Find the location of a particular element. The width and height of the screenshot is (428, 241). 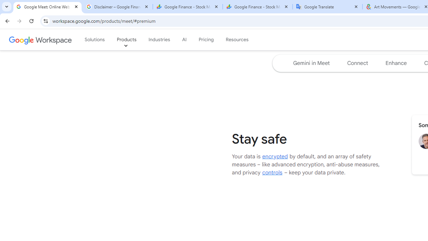

'Solutions' is located at coordinates (94, 40).